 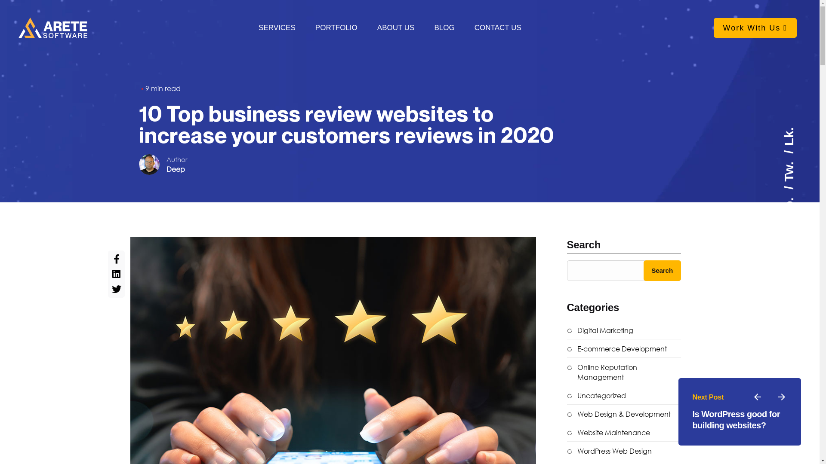 What do you see at coordinates (567, 451) in the screenshot?
I see `'WordPress Web Design'` at bounding box center [567, 451].